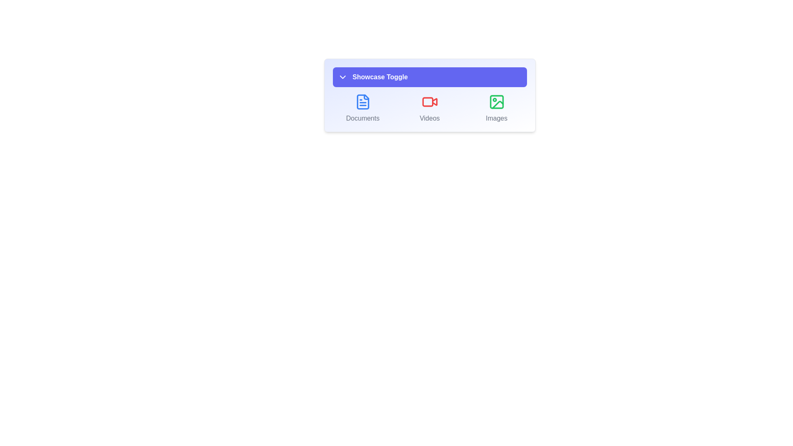 This screenshot has height=446, width=793. What do you see at coordinates (427, 101) in the screenshot?
I see `the decorative rectangle located within the 'Videos' icon, which is the central icon` at bounding box center [427, 101].